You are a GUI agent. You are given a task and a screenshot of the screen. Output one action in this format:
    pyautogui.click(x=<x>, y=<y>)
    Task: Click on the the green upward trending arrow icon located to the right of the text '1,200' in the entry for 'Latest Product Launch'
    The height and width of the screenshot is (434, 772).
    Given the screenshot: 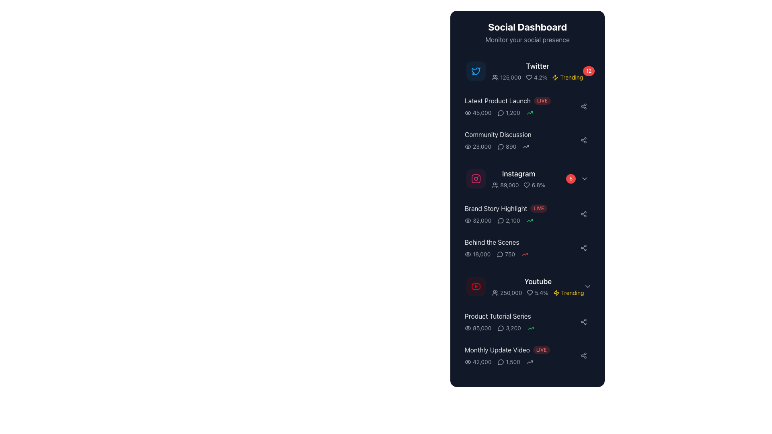 What is the action you would take?
    pyautogui.click(x=530, y=113)
    